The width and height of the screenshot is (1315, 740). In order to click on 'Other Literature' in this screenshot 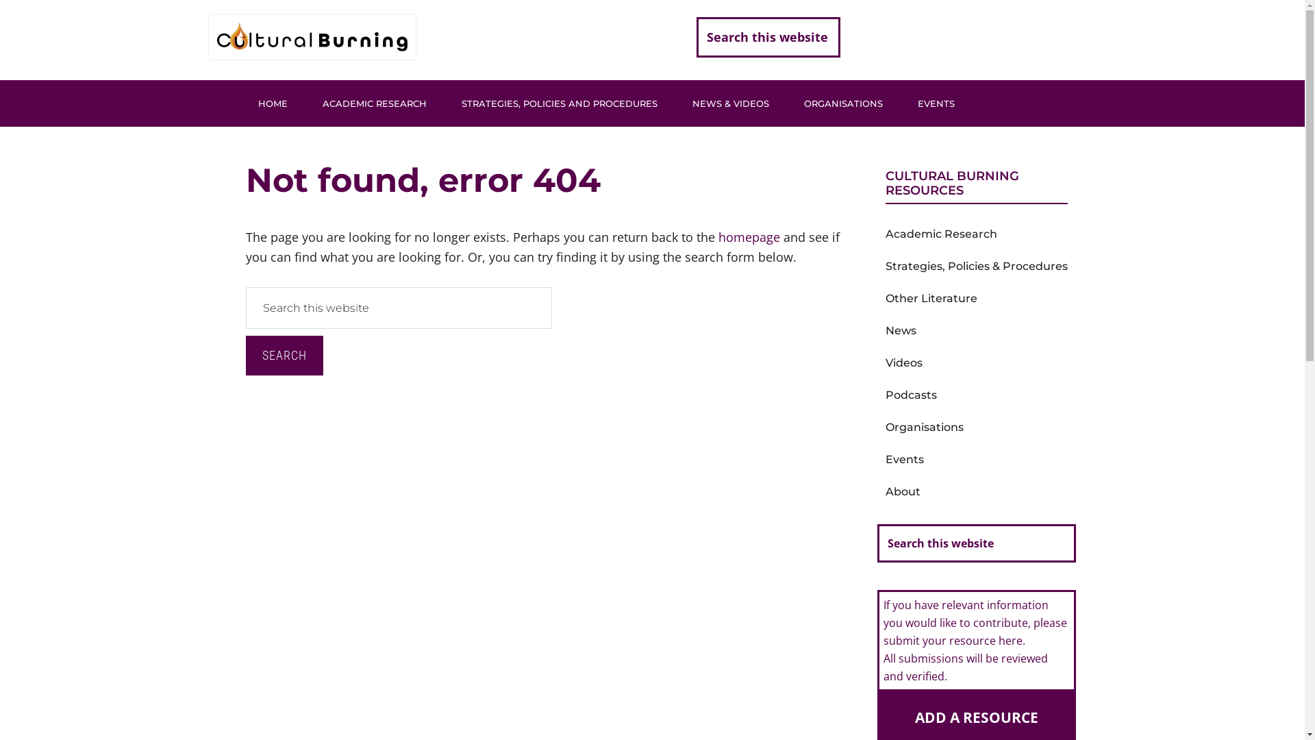, I will do `click(930, 297)`.